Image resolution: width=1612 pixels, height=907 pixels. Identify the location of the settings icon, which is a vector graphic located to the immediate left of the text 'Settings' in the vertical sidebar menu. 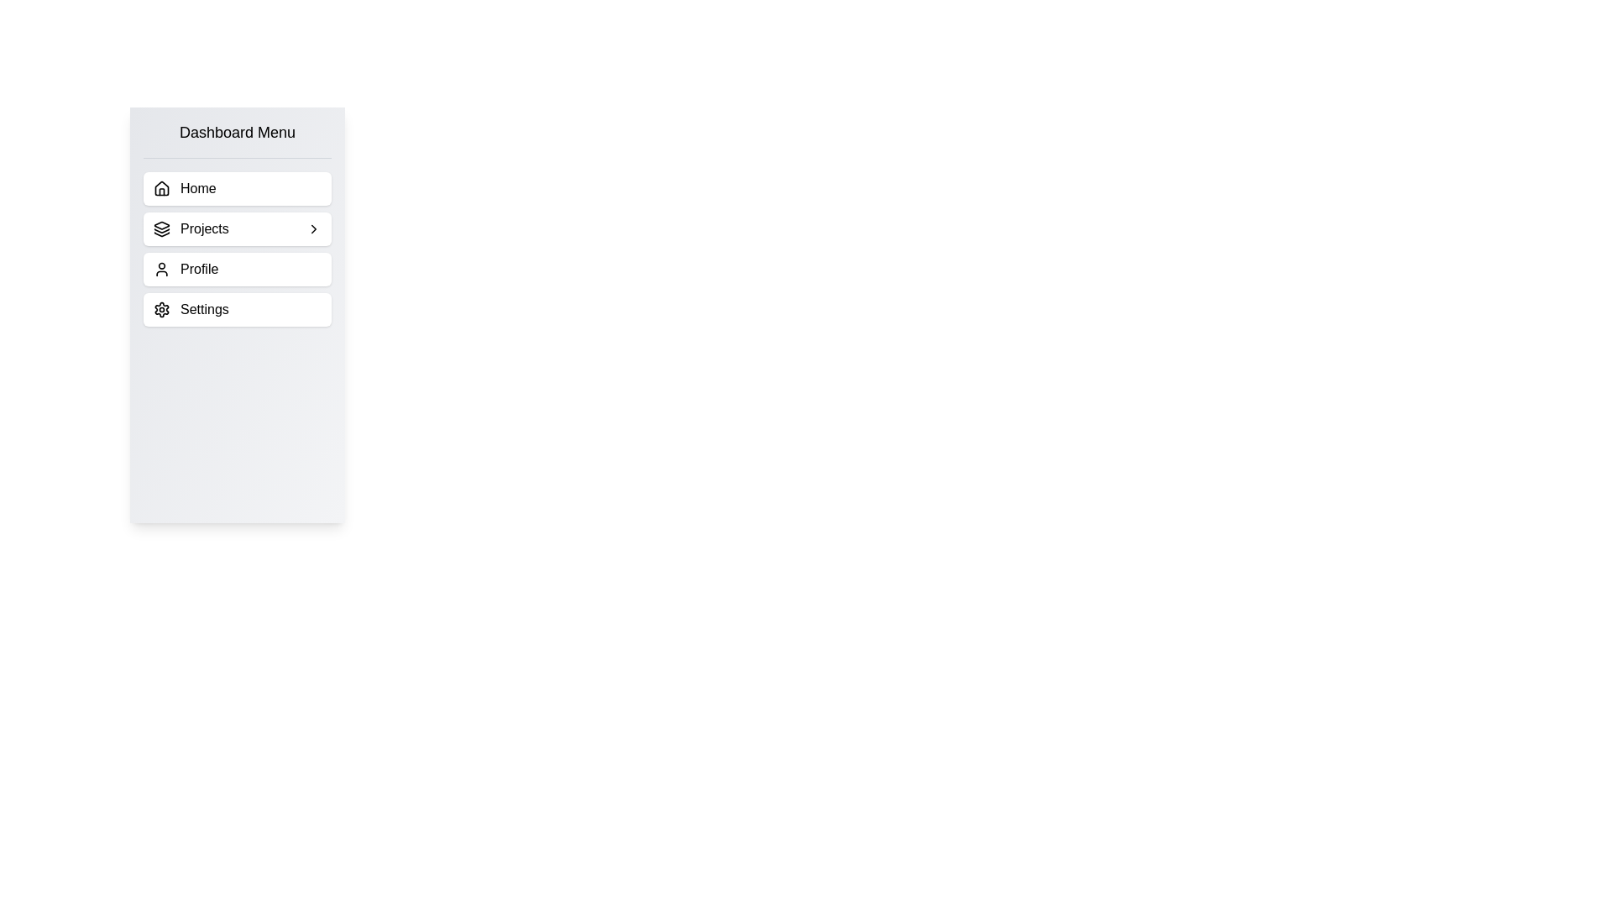
(161, 310).